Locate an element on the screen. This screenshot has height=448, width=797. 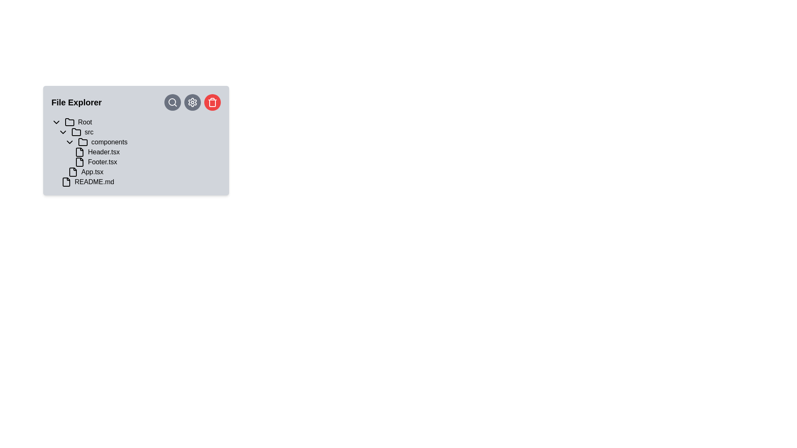
the folder icon representing the 'src' folder in the file explorer is located at coordinates (76, 131).